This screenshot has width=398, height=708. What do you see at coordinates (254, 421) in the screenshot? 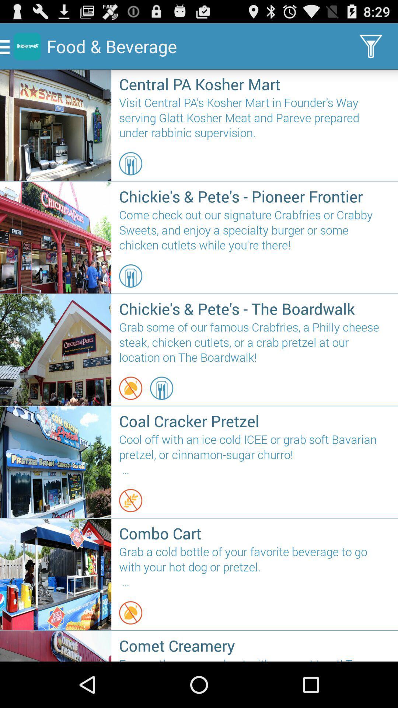
I see `the coal cracker pretzel icon` at bounding box center [254, 421].